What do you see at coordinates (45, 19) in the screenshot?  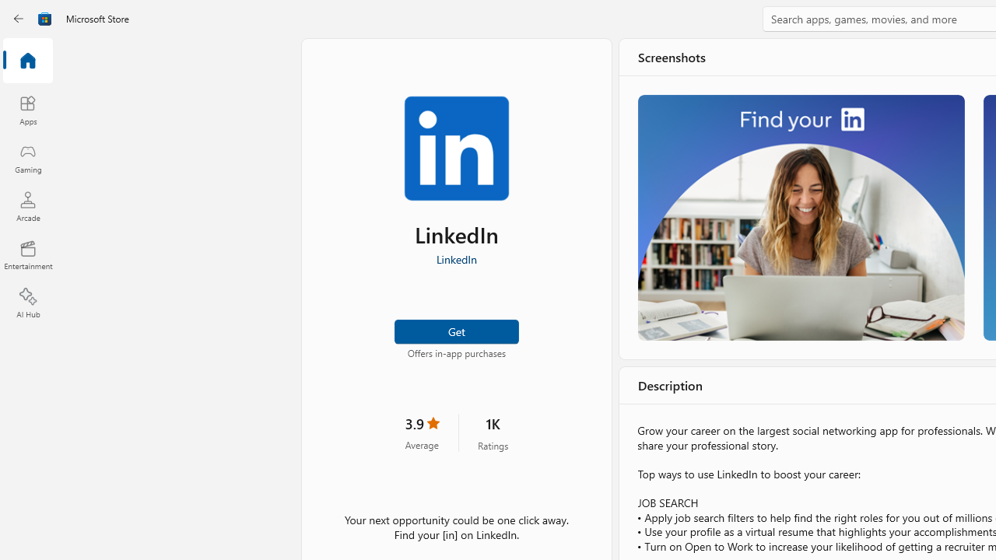 I see `'Class: Image'` at bounding box center [45, 19].